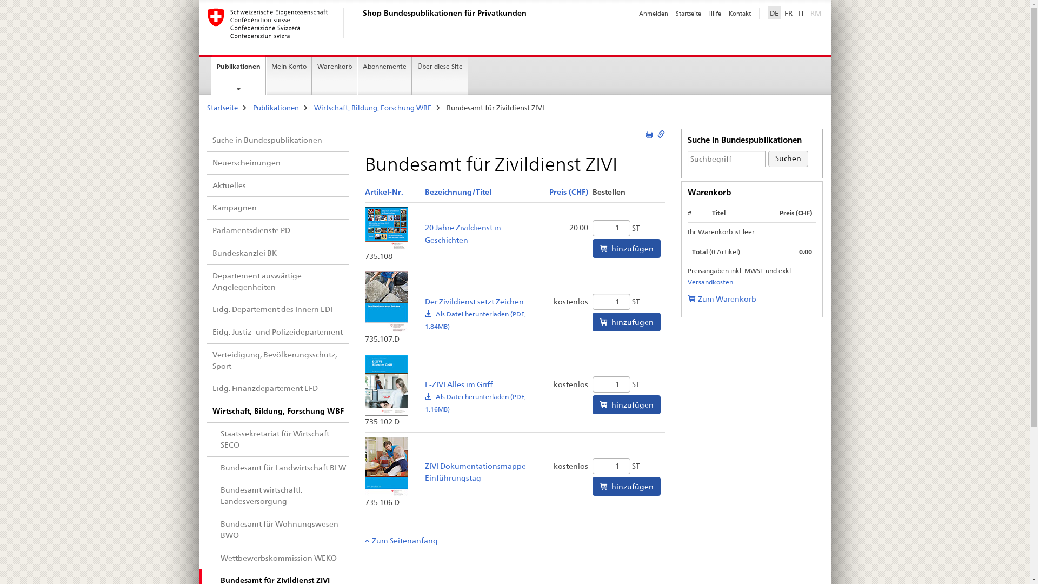 Image resolution: width=1038 pixels, height=584 pixels. Describe the element at coordinates (238, 74) in the screenshot. I see `'Publikationen'` at that location.